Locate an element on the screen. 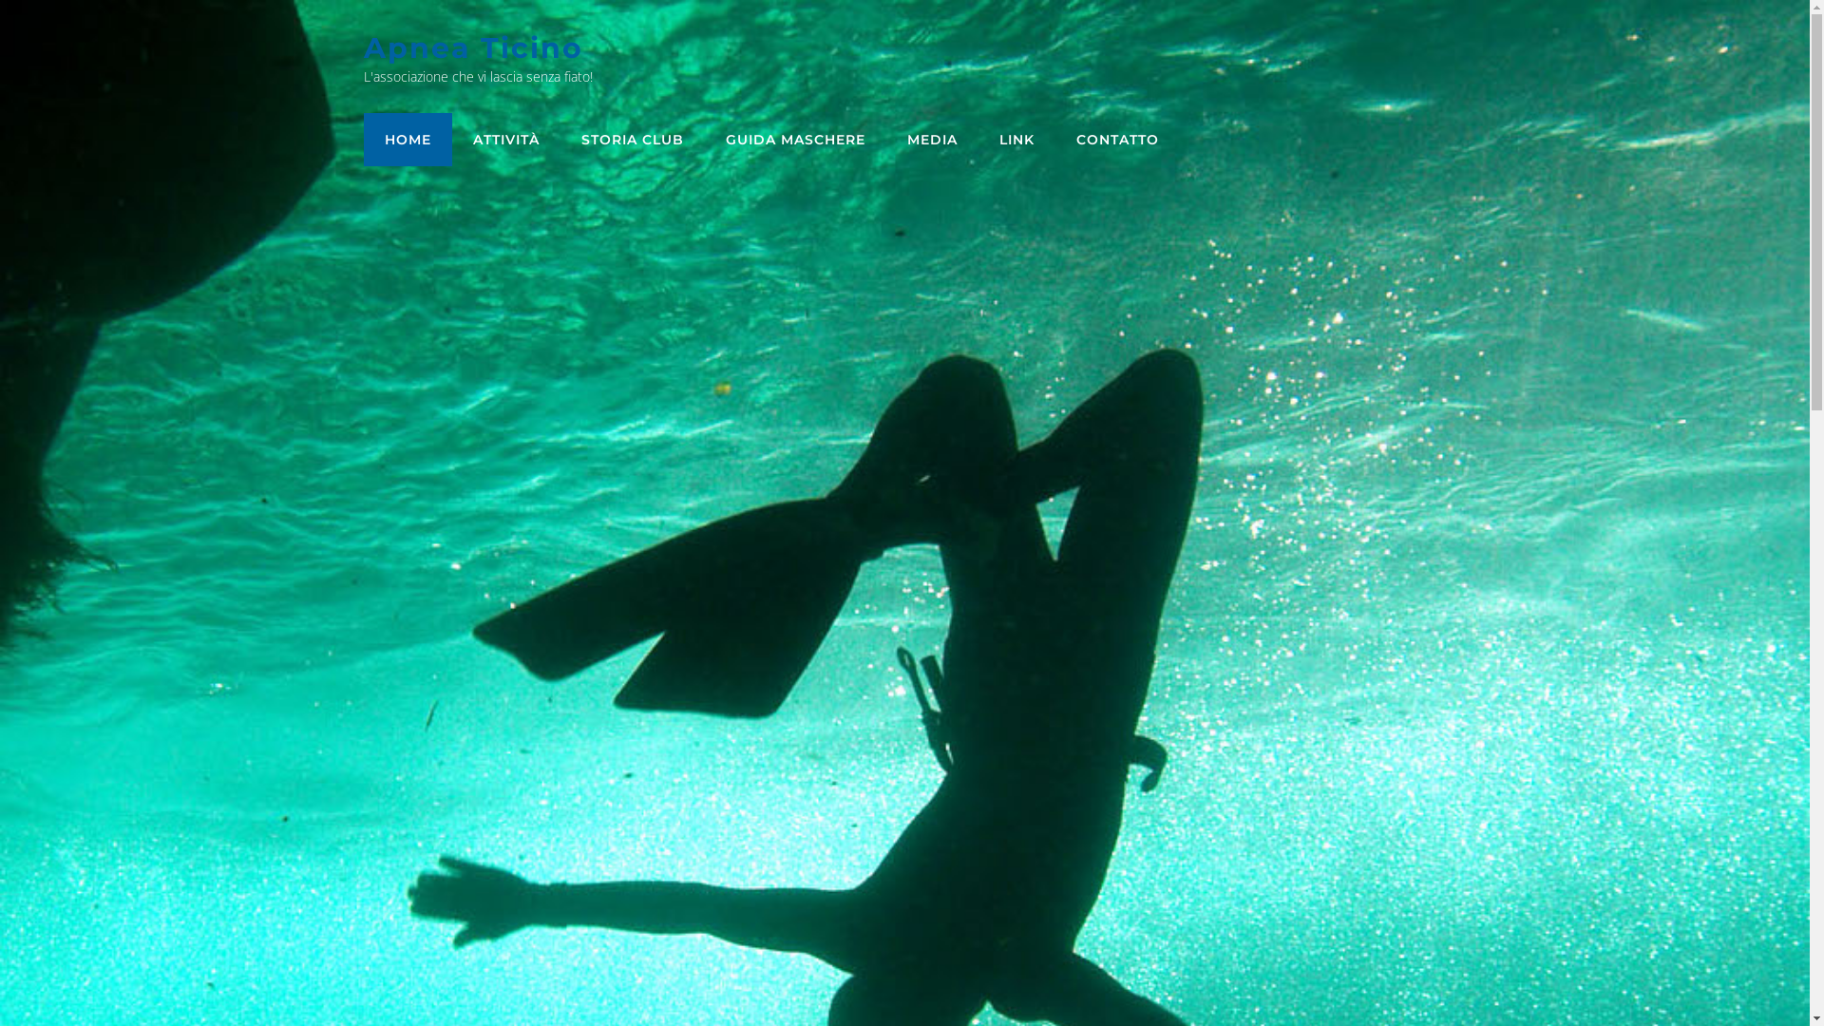 This screenshot has height=1026, width=1824. 'LINK' is located at coordinates (1016, 138).